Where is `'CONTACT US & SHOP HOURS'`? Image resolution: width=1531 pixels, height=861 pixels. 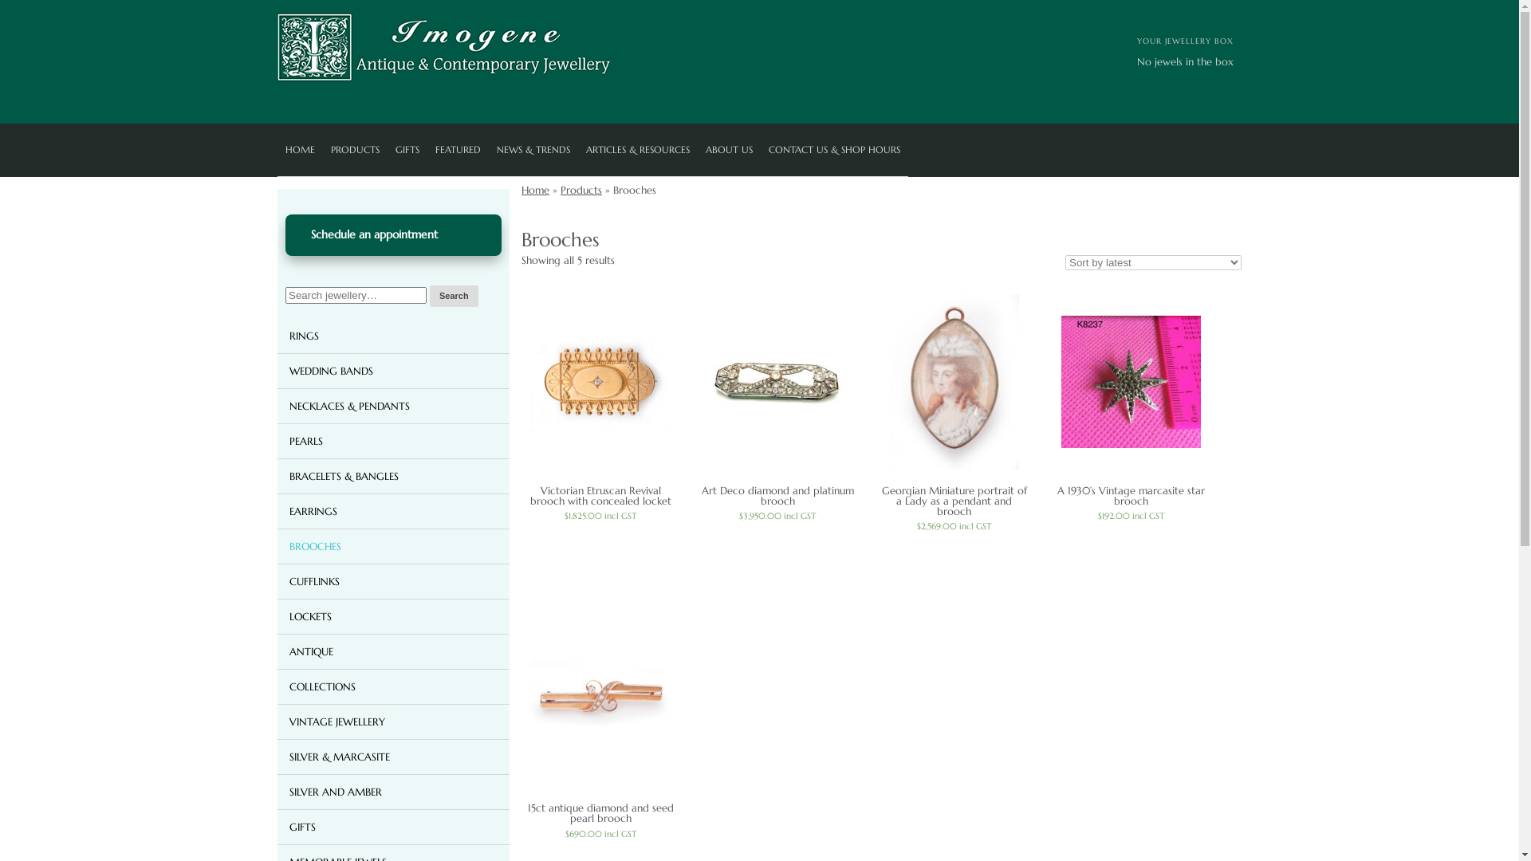 'CONTACT US & SHOP HOURS' is located at coordinates (833, 150).